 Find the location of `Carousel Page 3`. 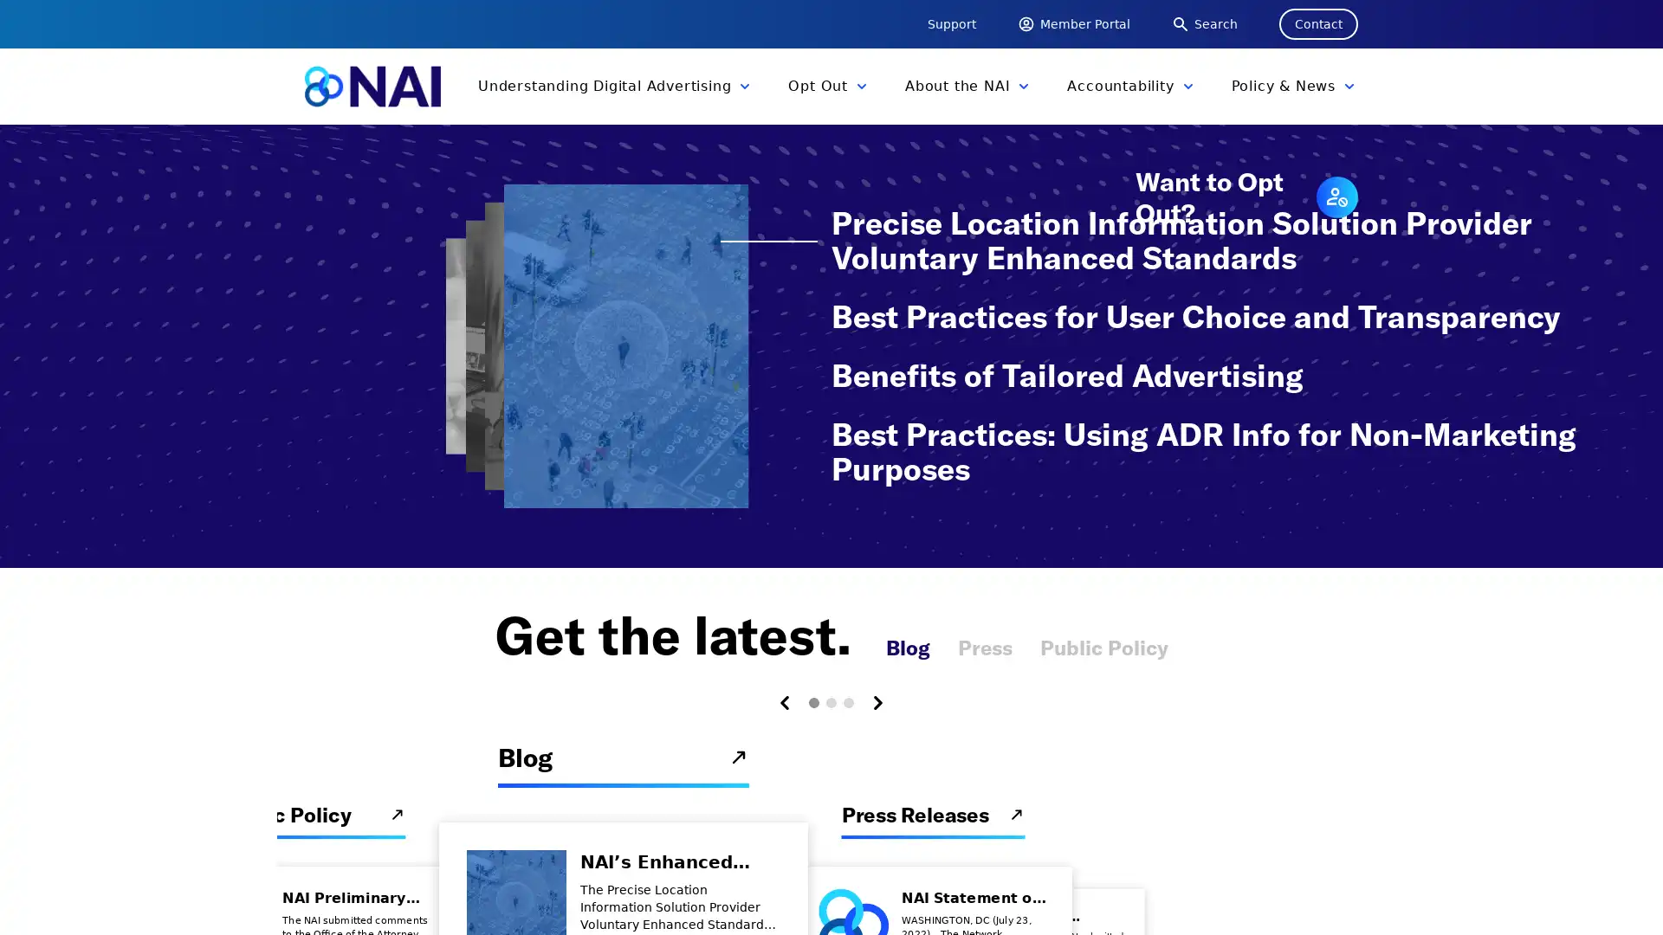

Carousel Page 3 is located at coordinates (848, 703).